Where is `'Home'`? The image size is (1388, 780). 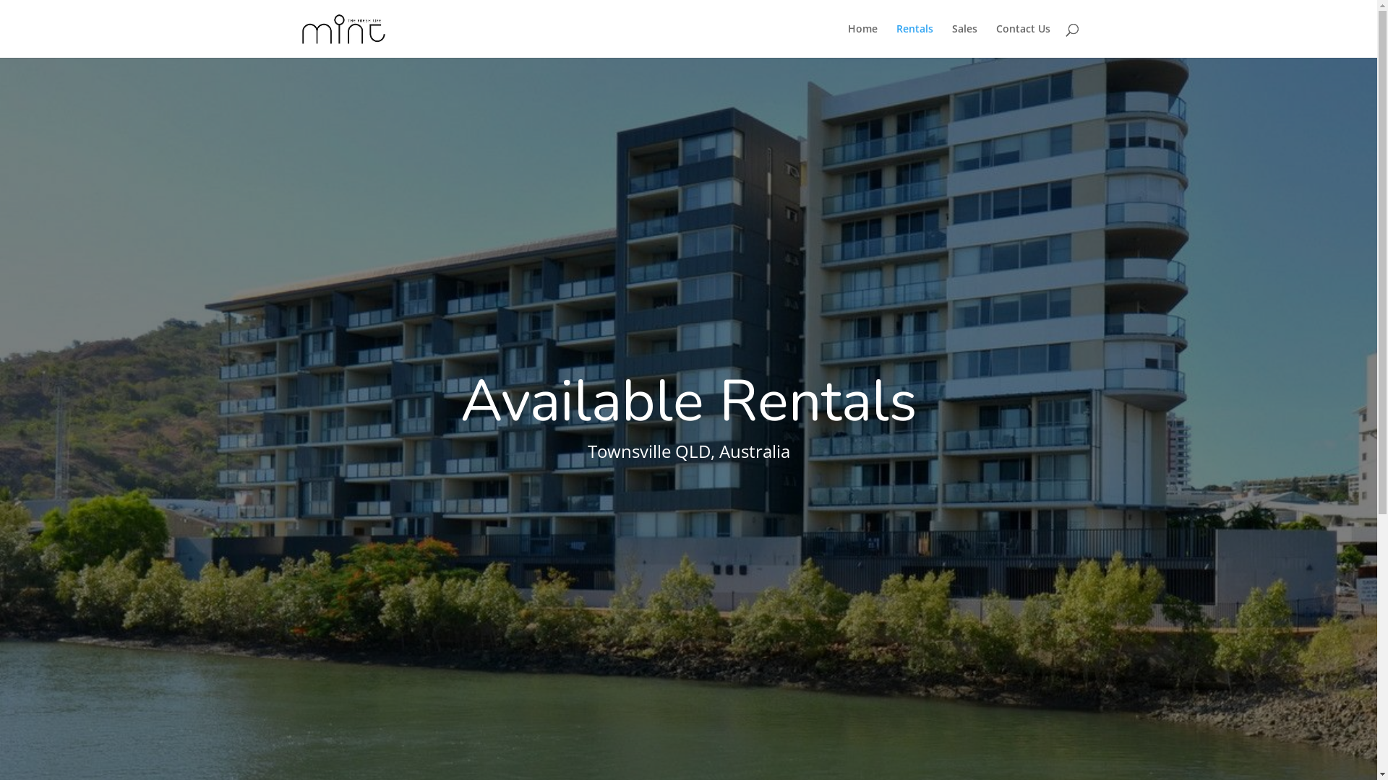 'Home' is located at coordinates (862, 40).